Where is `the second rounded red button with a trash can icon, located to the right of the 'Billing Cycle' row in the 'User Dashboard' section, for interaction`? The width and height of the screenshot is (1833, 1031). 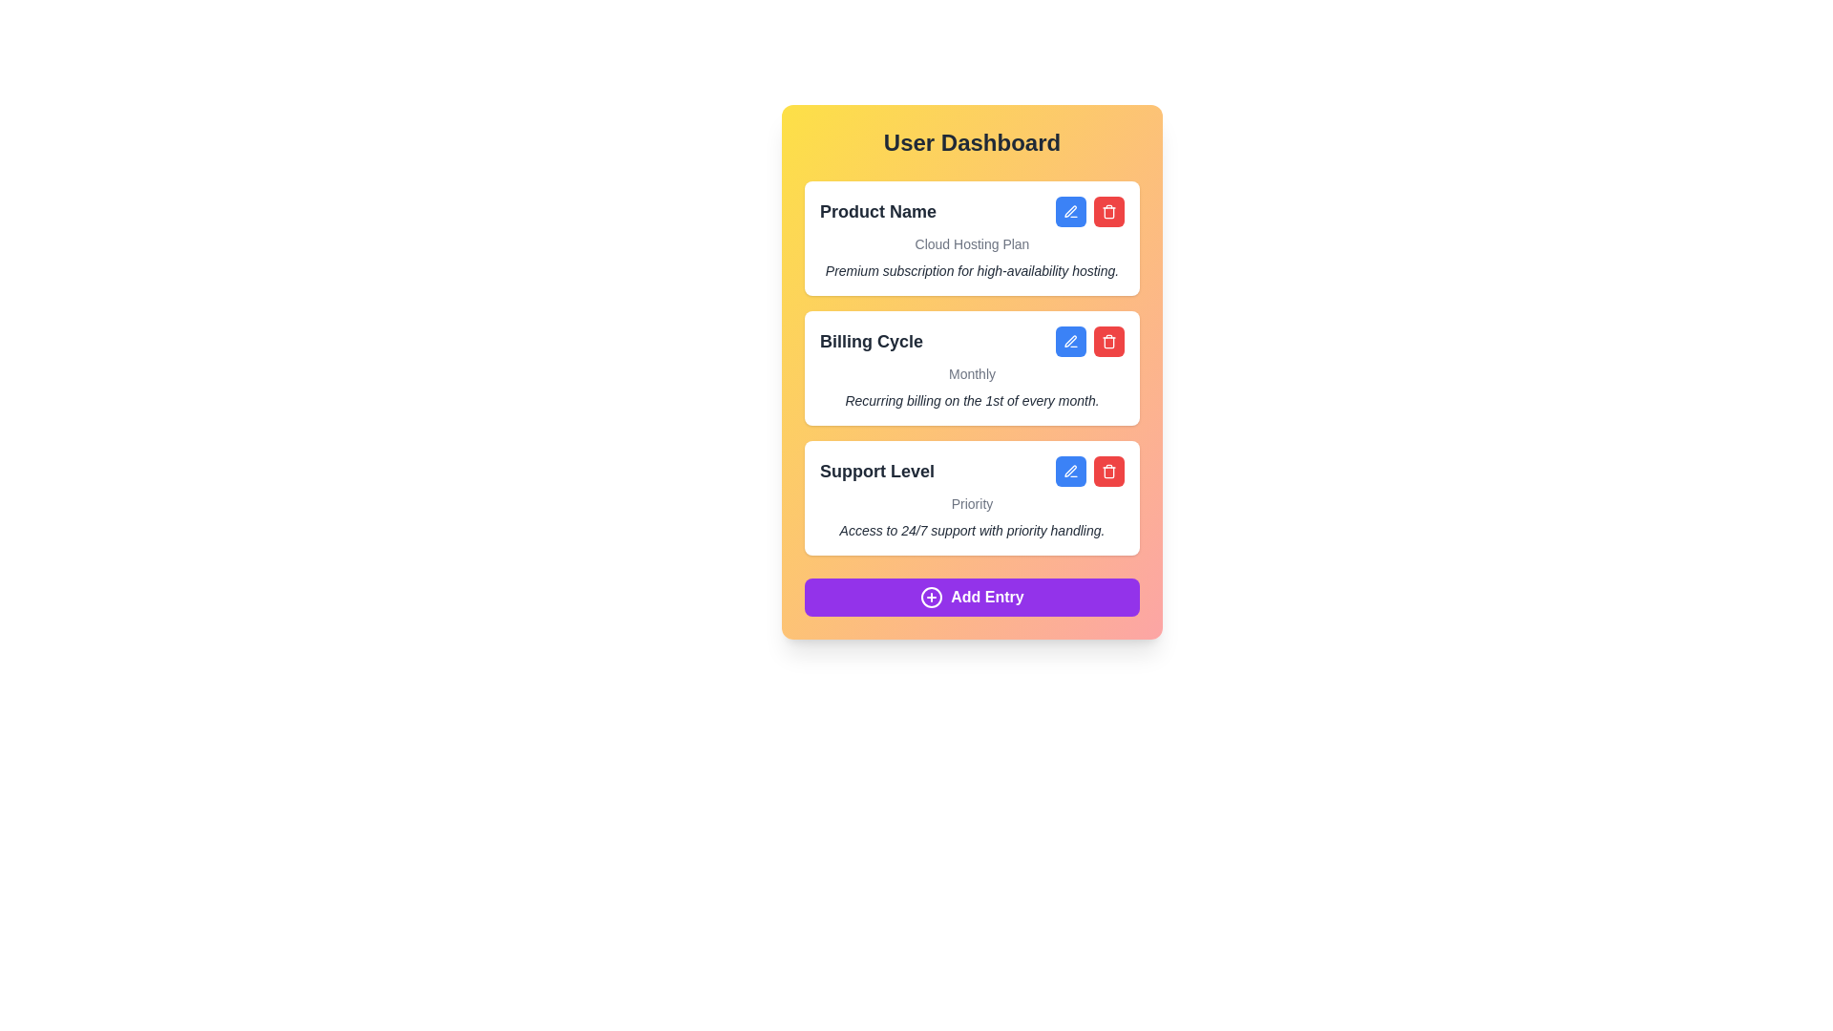 the second rounded red button with a trash can icon, located to the right of the 'Billing Cycle' row in the 'User Dashboard' section, for interaction is located at coordinates (1108, 341).